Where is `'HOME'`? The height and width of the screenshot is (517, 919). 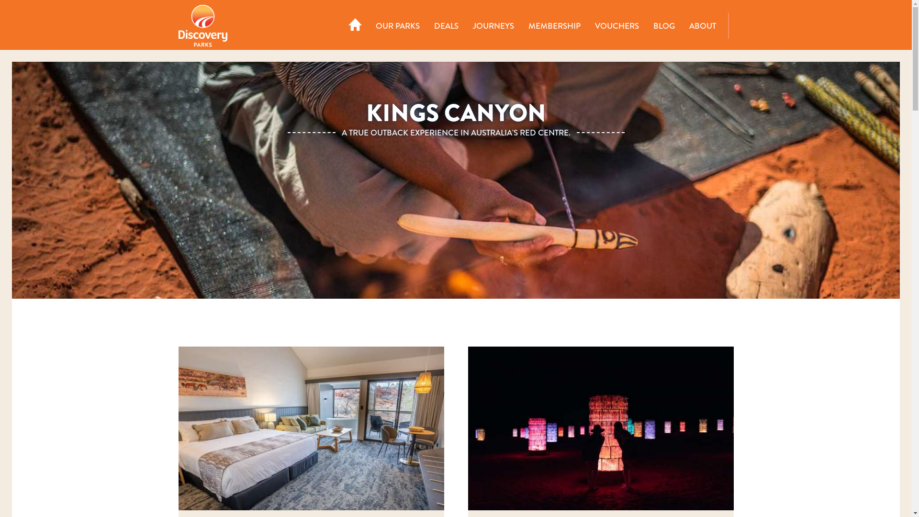 'HOME' is located at coordinates (355, 25).